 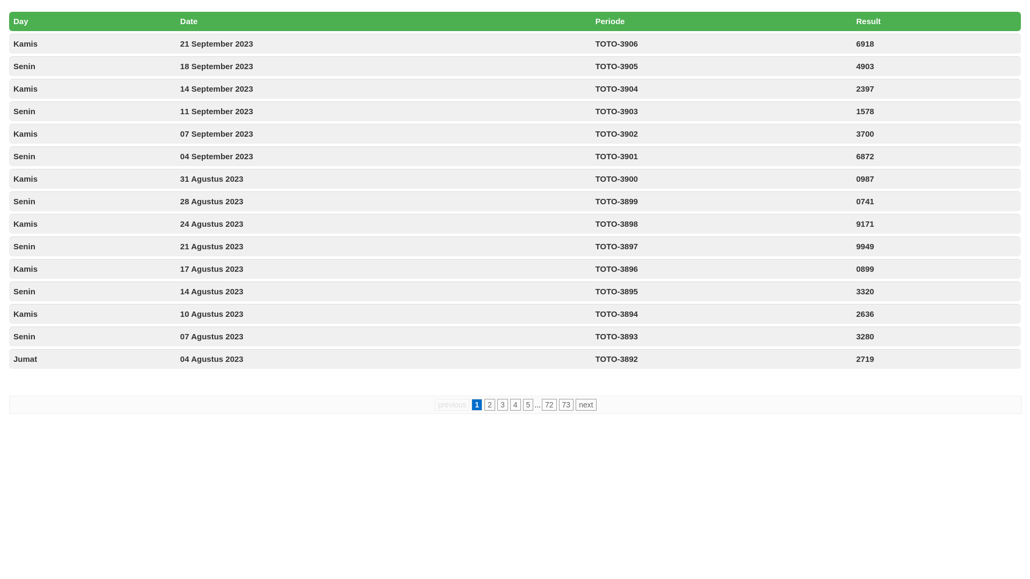 I want to click on '72', so click(x=549, y=405).